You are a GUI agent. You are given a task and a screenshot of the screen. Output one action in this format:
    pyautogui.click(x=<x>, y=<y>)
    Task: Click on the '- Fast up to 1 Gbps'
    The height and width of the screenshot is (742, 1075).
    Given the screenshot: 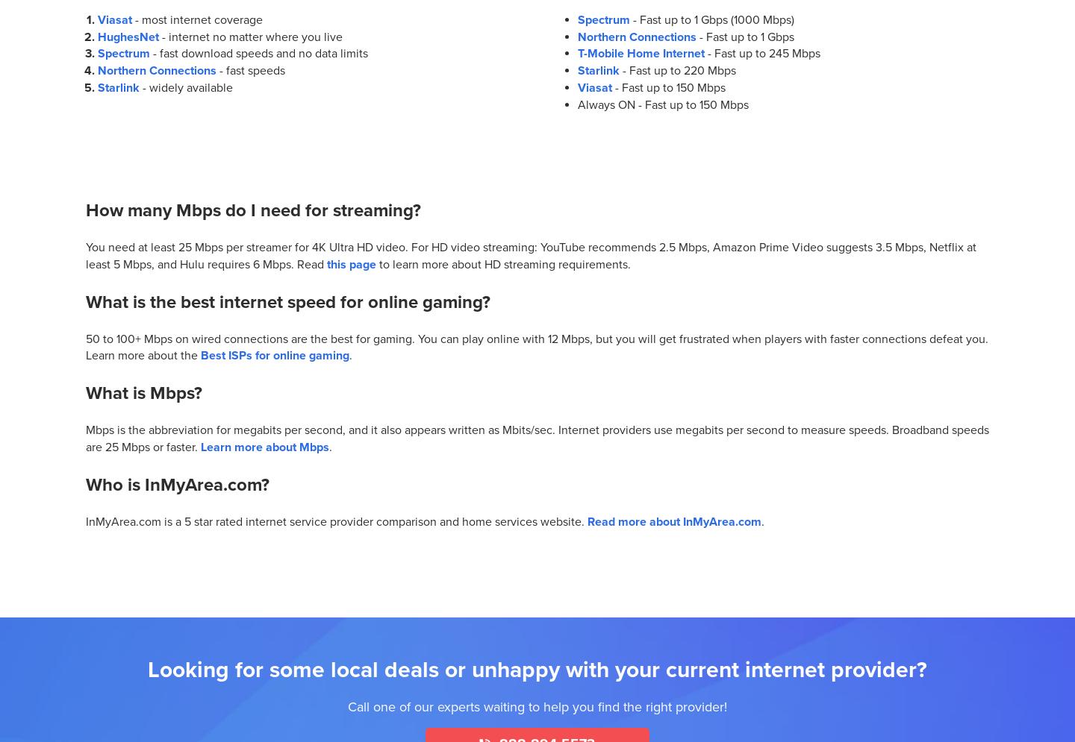 What is the action you would take?
    pyautogui.click(x=744, y=35)
    